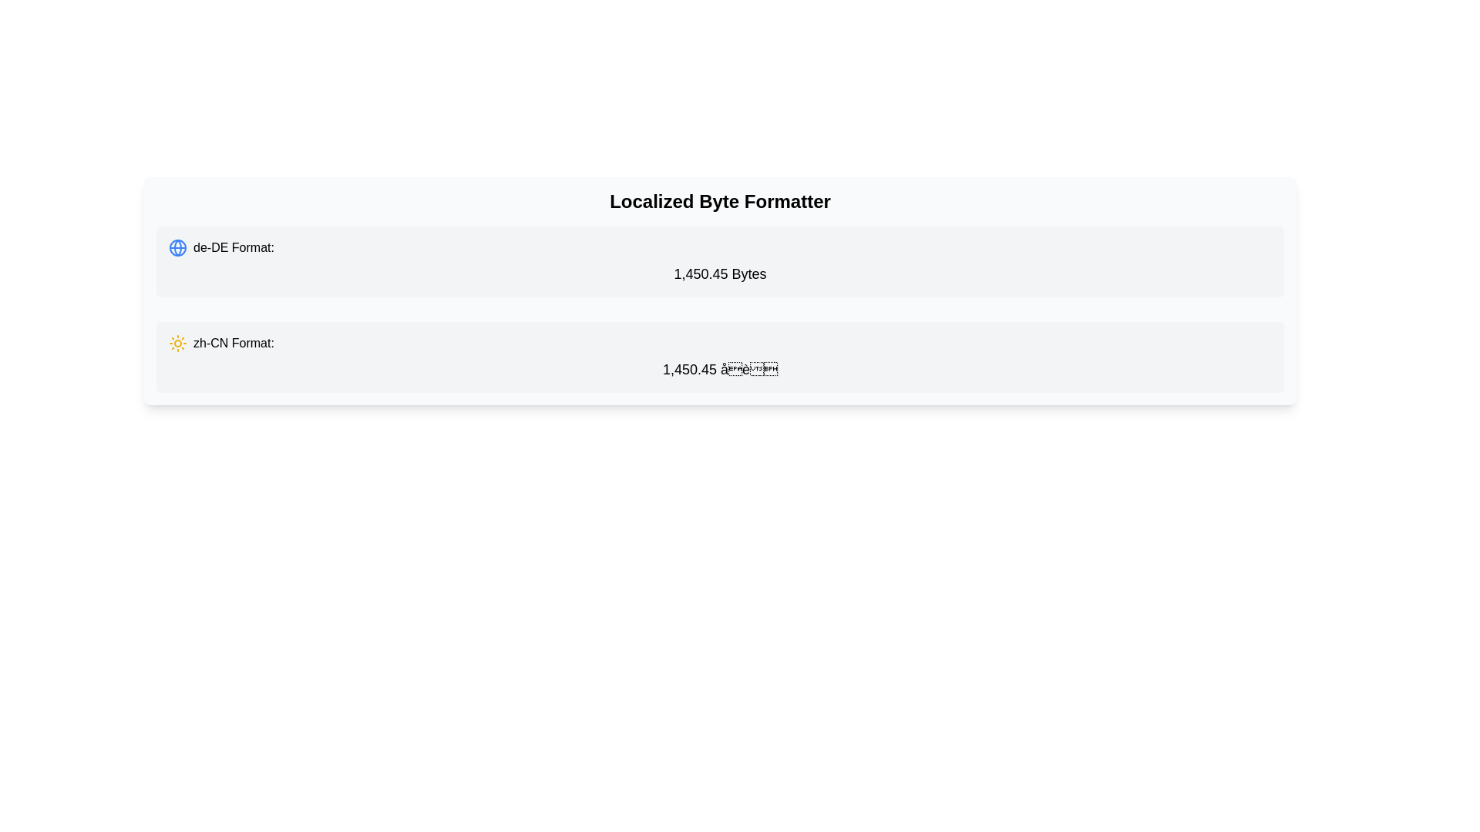 This screenshot has width=1480, height=832. Describe the element at coordinates (177, 247) in the screenshot. I see `the meridian line element of the blue globe icon, which is a part of the stylized SVG graphic` at that location.